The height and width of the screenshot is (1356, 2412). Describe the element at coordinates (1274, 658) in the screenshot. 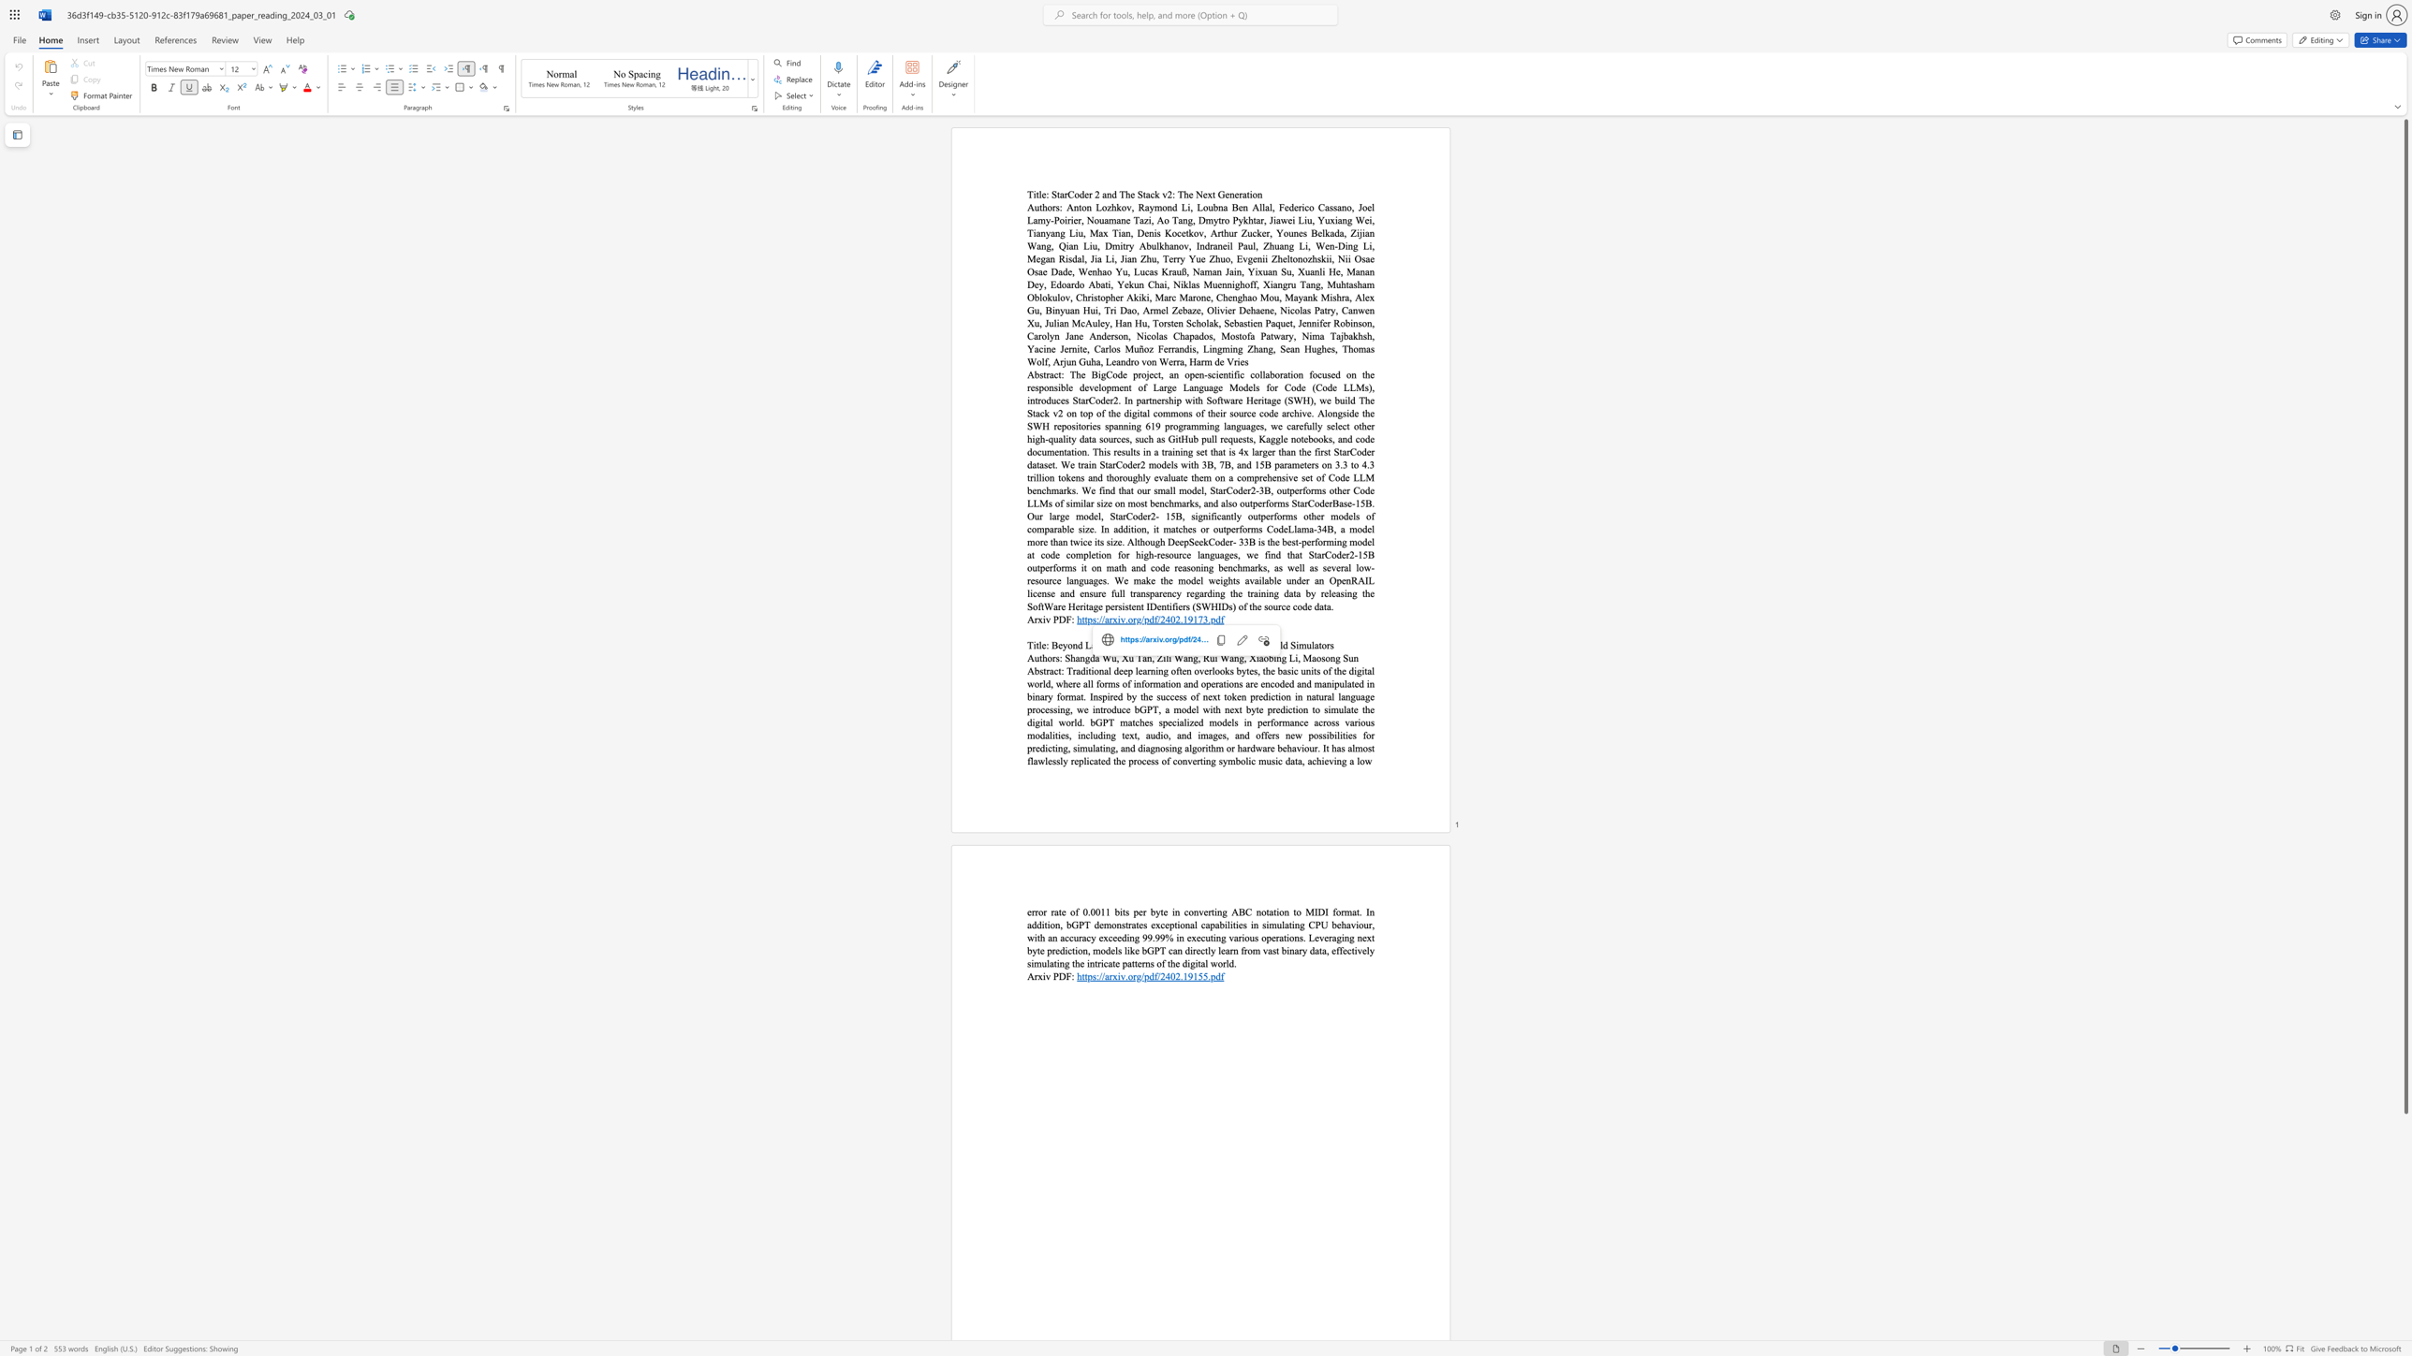

I see `the 2th character "i" in the text` at that location.